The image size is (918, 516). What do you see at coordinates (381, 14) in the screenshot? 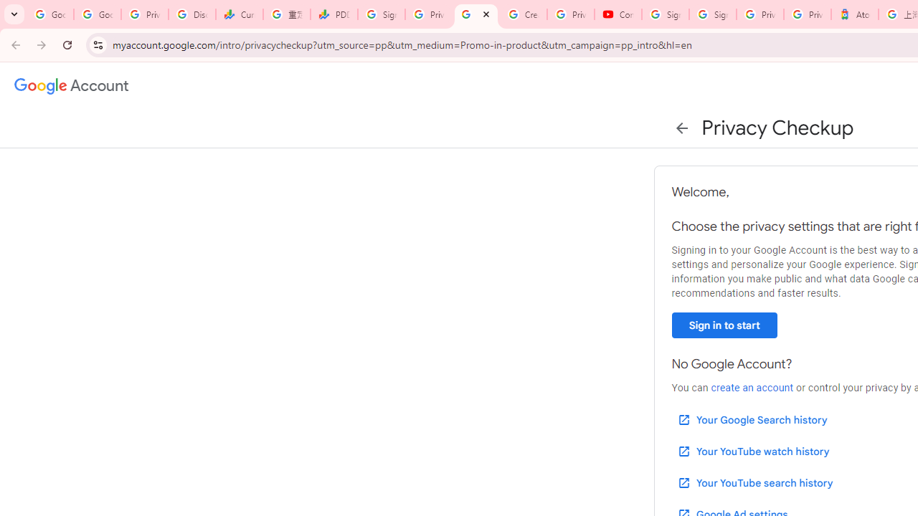
I see `'Sign in - Google Accounts'` at bounding box center [381, 14].